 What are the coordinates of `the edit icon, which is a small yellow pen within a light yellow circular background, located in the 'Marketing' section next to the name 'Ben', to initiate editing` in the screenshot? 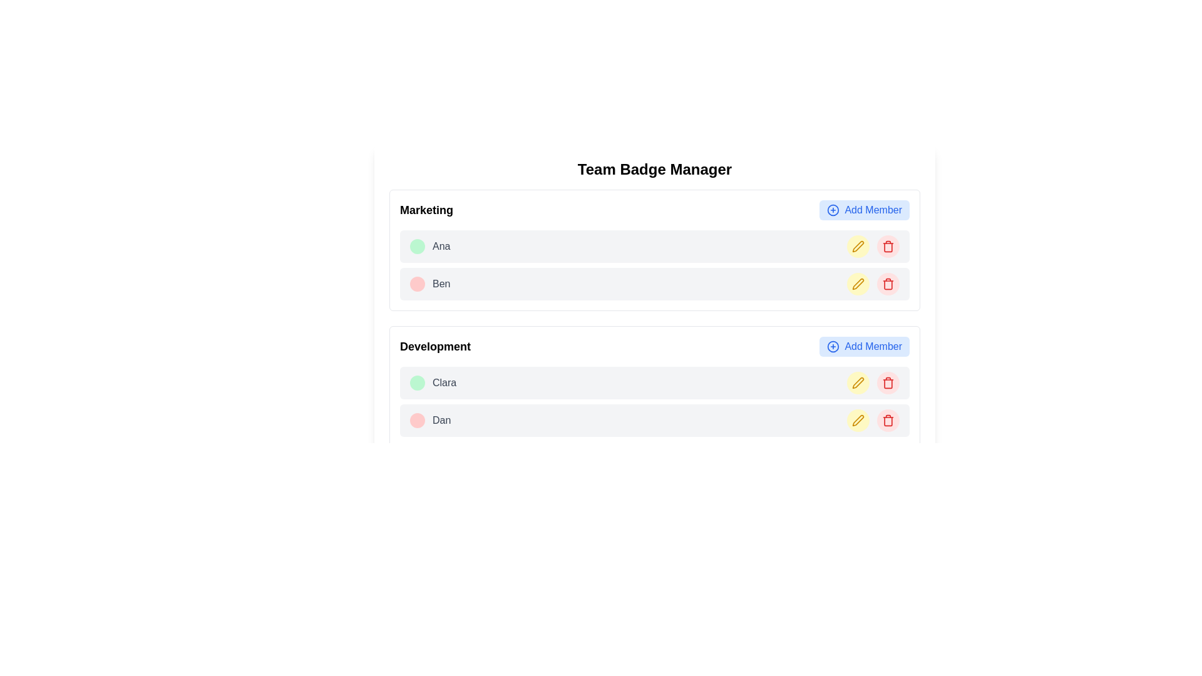 It's located at (858, 246).